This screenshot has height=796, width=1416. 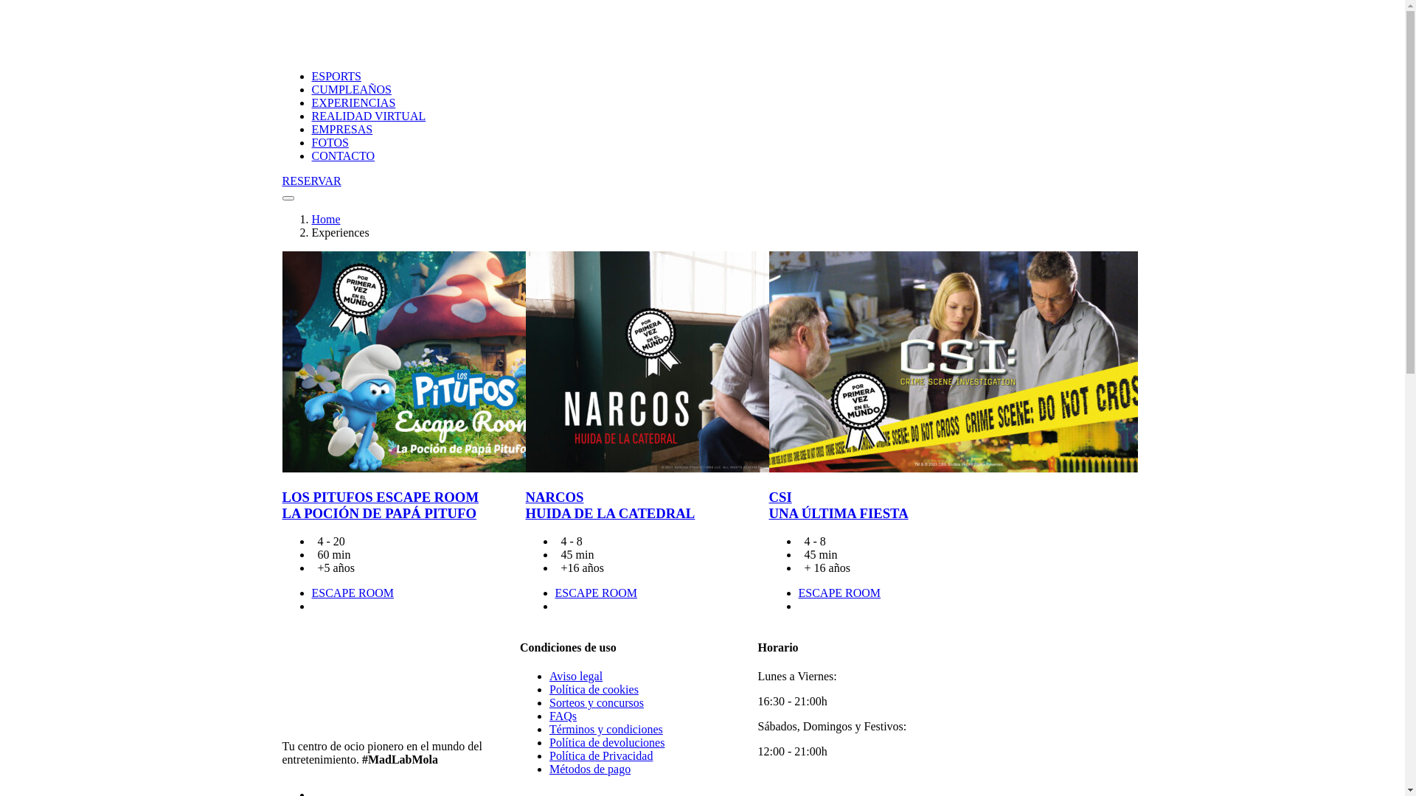 I want to click on 'NARCOS, so click(x=609, y=504).